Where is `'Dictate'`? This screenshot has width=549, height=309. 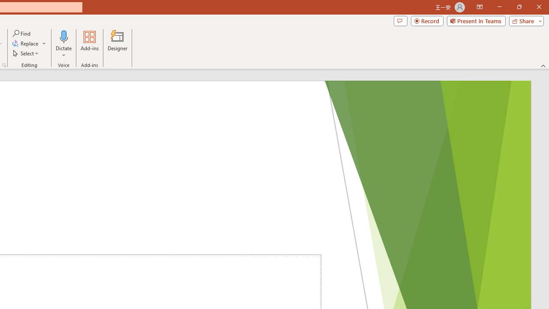 'Dictate' is located at coordinates (63, 44).